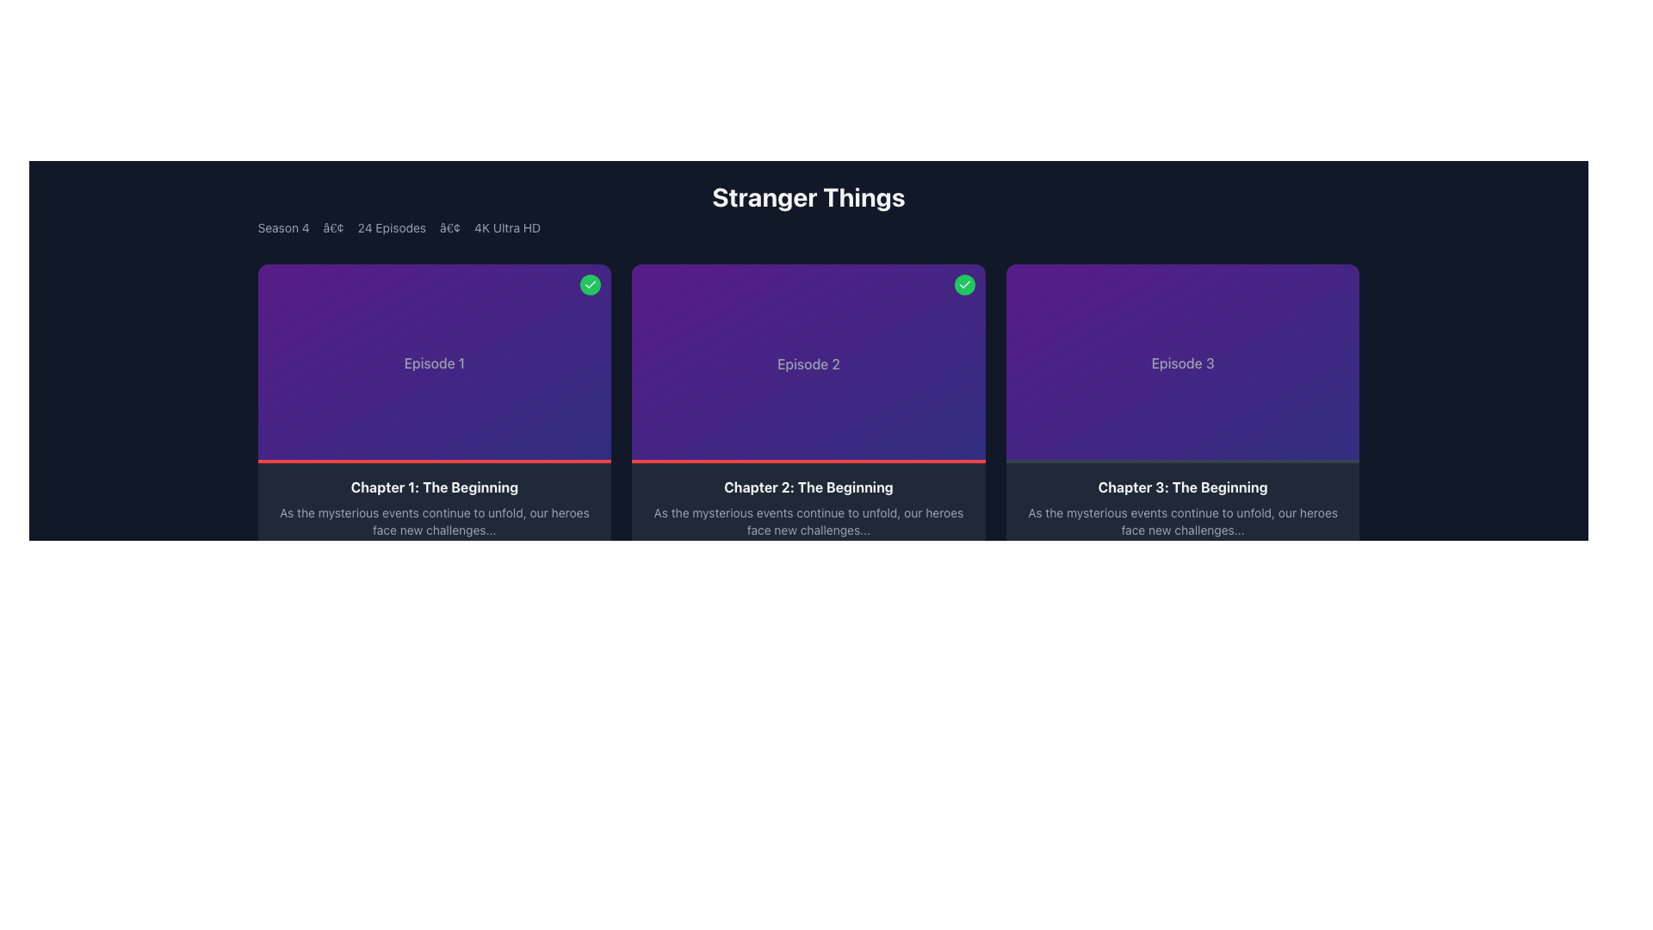  Describe the element at coordinates (450, 227) in the screenshot. I see `the second bullet point in the horizontal sequence of text items, which separates '24 Episodes' and '4K Ultra HD'` at that location.